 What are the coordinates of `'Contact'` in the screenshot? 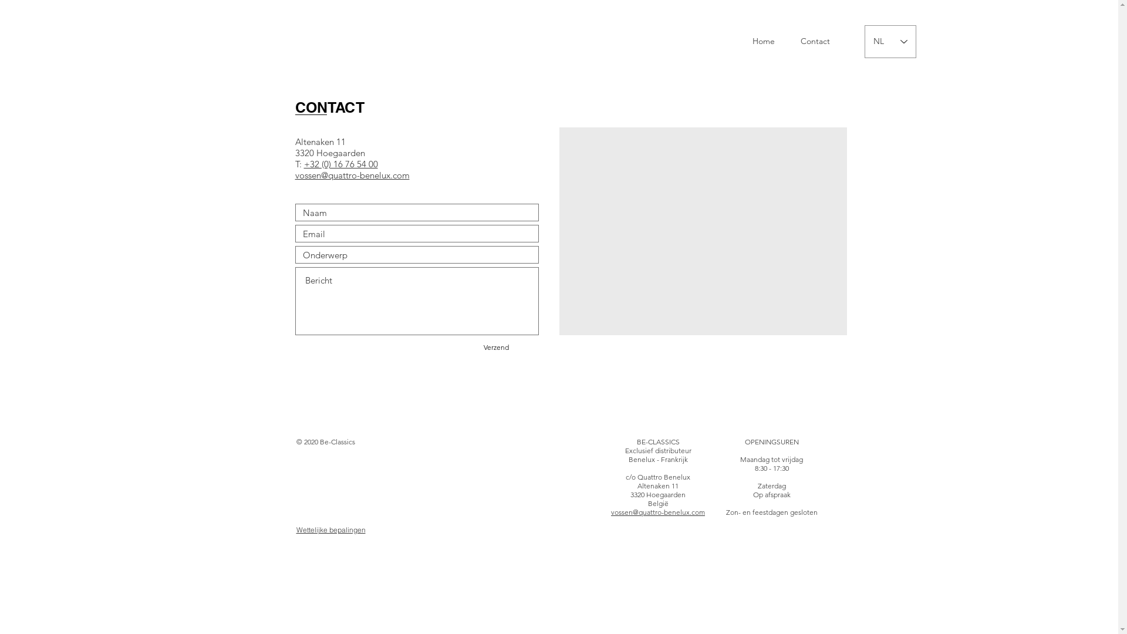 It's located at (814, 41).